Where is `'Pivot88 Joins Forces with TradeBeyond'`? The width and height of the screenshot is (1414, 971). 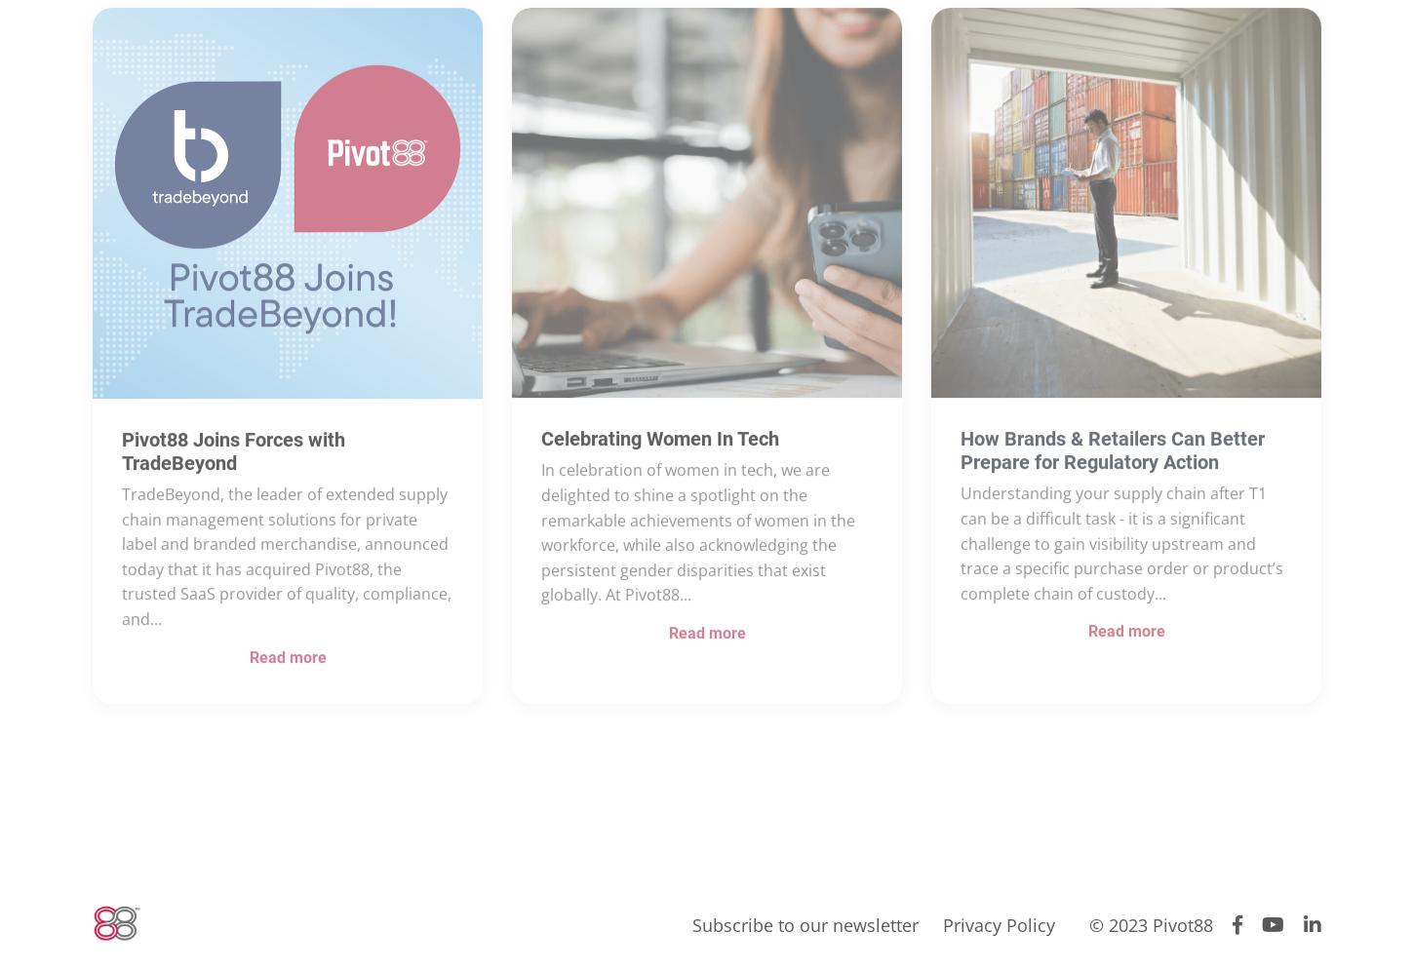
'Pivot88 Joins Forces with TradeBeyond' is located at coordinates (232, 511).